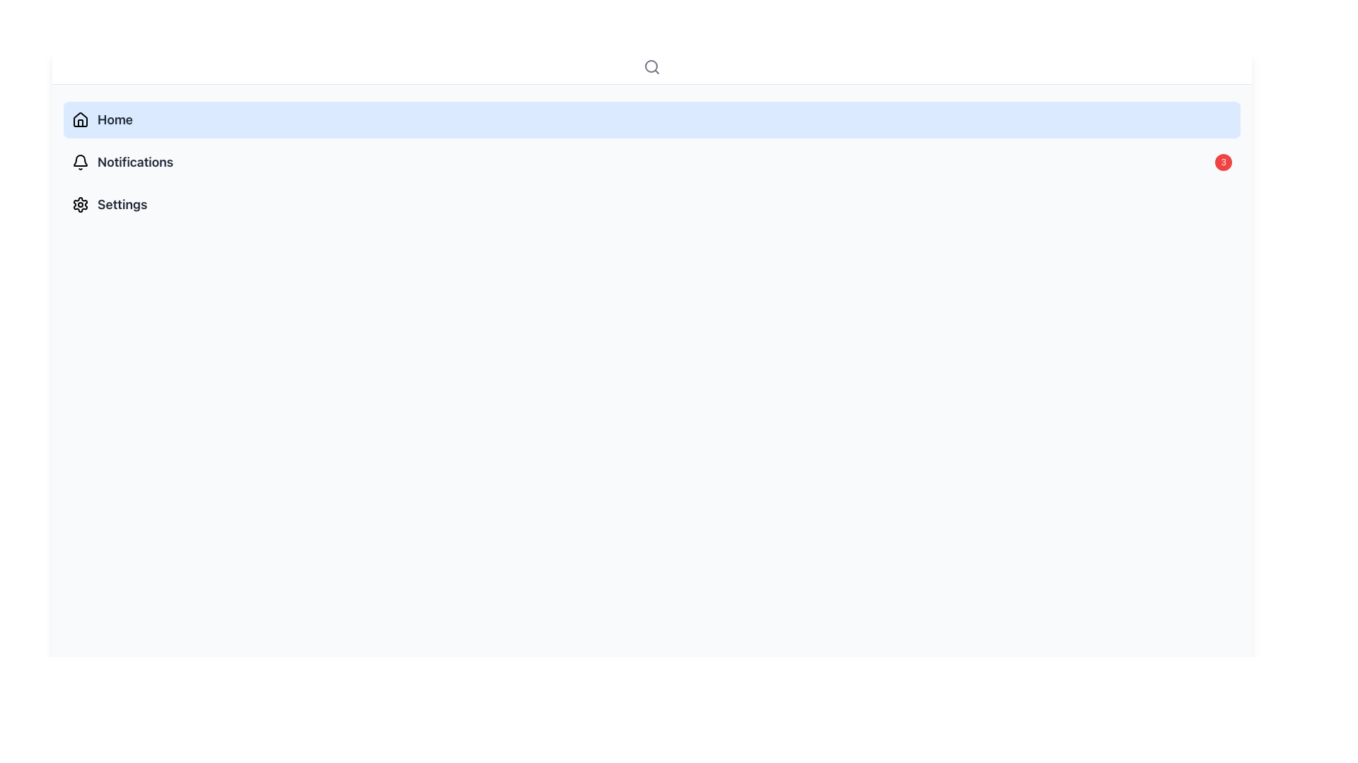 The height and width of the screenshot is (763, 1358). Describe the element at coordinates (80, 119) in the screenshot. I see `the 'Home' icon located in the top-left section of the navigation menu` at that location.